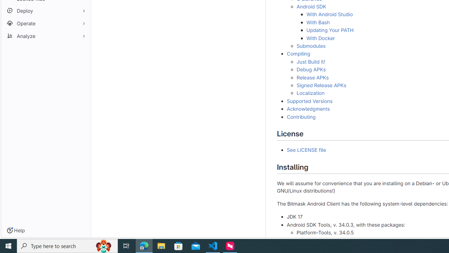 The height and width of the screenshot is (253, 449). What do you see at coordinates (306, 150) in the screenshot?
I see `'See LICENSE file'` at bounding box center [306, 150].